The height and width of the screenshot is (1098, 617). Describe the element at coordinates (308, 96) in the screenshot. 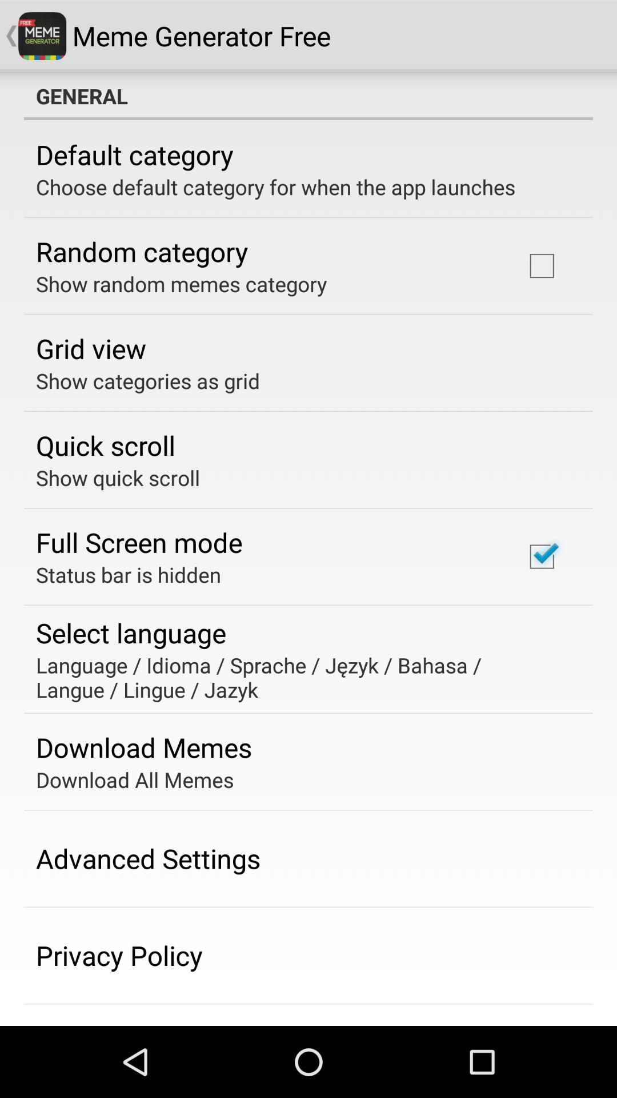

I see `the item above default category item` at that location.